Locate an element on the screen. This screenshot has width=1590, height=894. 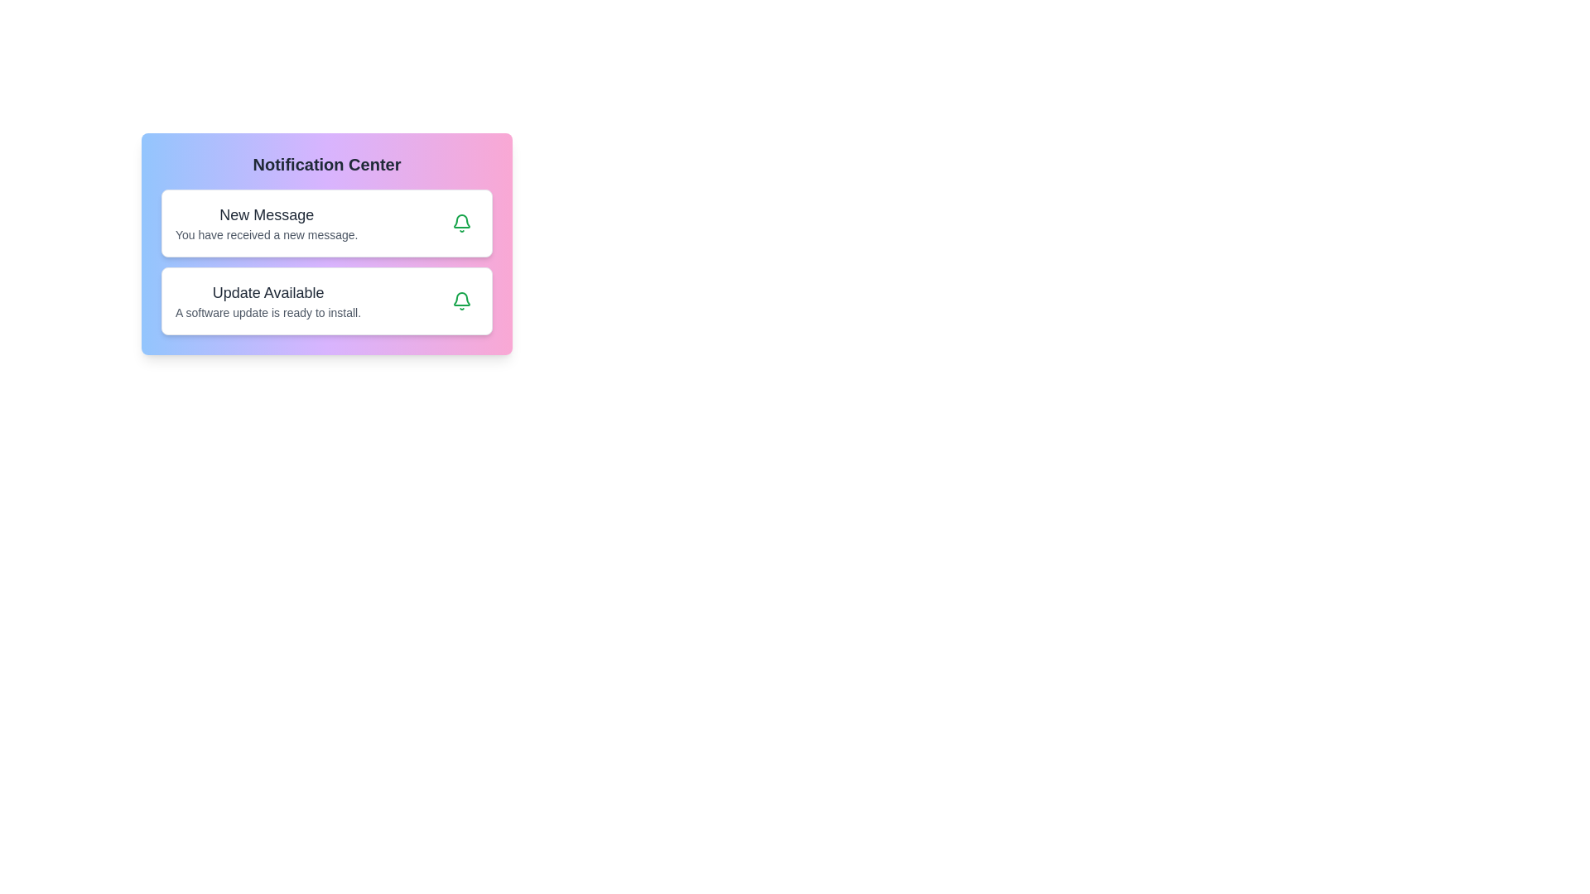
the first notification card in the 'Notification Center' is located at coordinates (326, 223).